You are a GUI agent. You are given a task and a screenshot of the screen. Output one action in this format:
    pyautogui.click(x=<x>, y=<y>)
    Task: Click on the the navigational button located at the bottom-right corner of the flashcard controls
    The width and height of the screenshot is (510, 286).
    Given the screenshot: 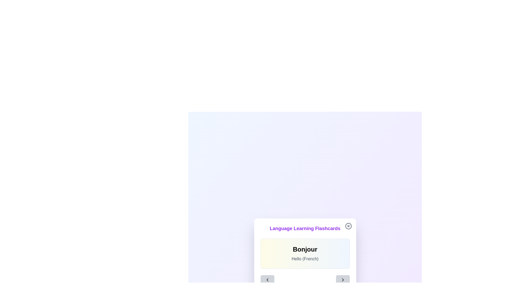 What is the action you would take?
    pyautogui.click(x=343, y=279)
    